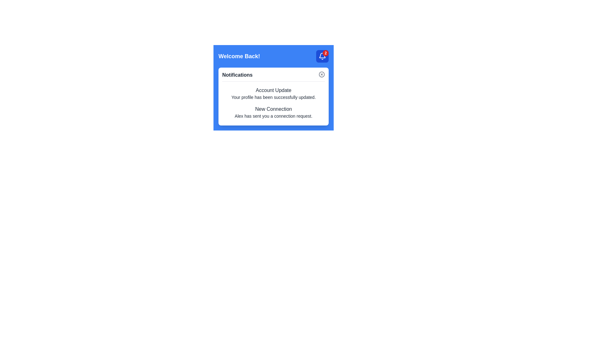 This screenshot has width=601, height=338. Describe the element at coordinates (273, 116) in the screenshot. I see `text label that says 'Alex has sent you a connection request.' which is located below the 'New Connection' heading in the Notifications section` at that location.